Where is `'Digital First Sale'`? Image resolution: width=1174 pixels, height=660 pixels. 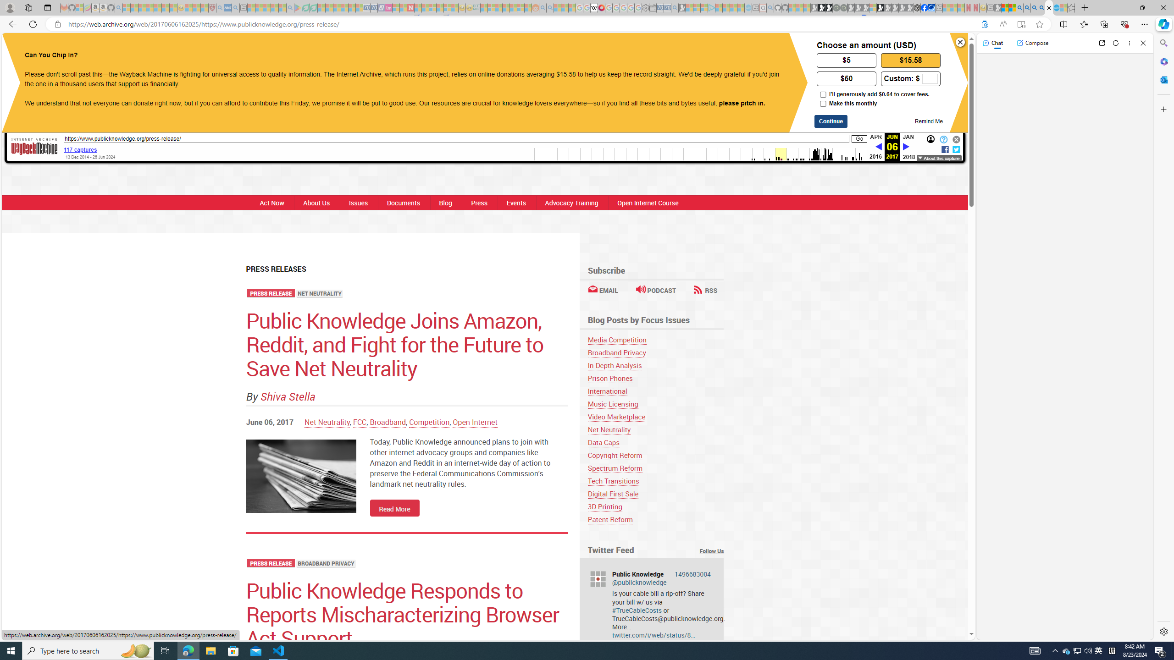 'Digital First Sale' is located at coordinates (613, 493).